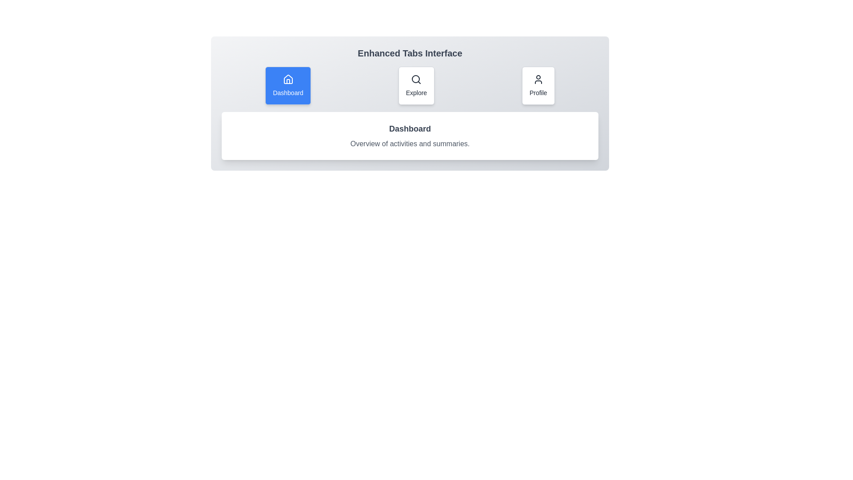 Image resolution: width=853 pixels, height=480 pixels. What do you see at coordinates (416, 85) in the screenshot?
I see `the Explore tab to see its hover effect` at bounding box center [416, 85].